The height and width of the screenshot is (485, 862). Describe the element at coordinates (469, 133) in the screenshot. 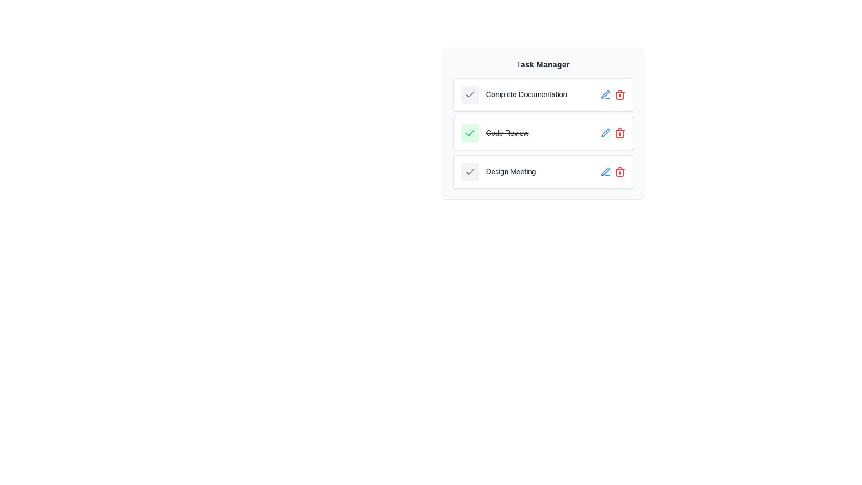

I see `the small green checkmark icon within the checkbox for the 'Code Review' task` at that location.